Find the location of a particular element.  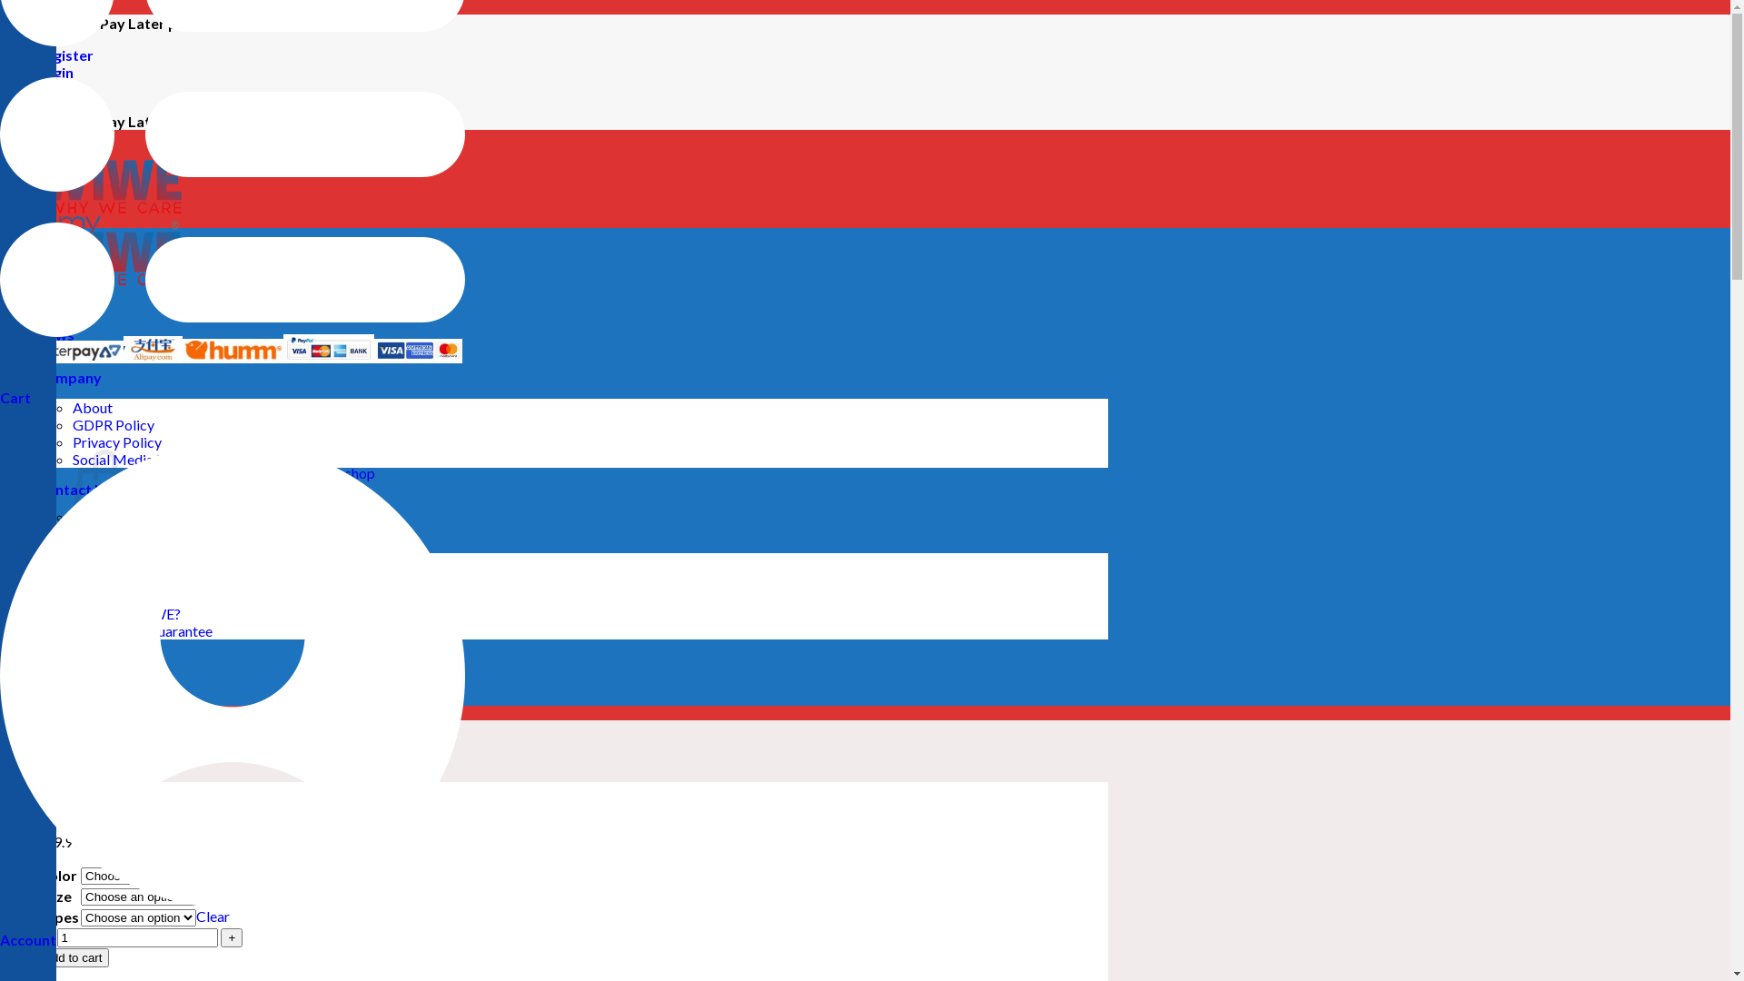

'Warranty & Guarantee' is located at coordinates (73, 629).